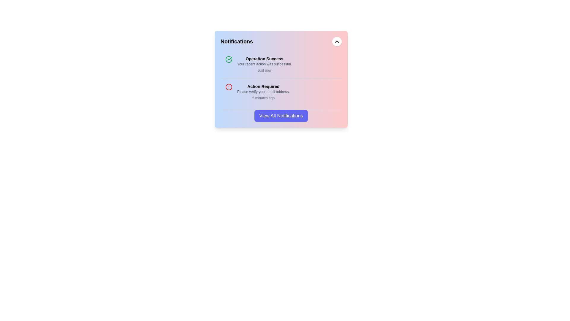 This screenshot has height=321, width=570. Describe the element at coordinates (229, 87) in the screenshot. I see `the alert icon situated inside the notification panel under the heading 'Action Required'` at that location.